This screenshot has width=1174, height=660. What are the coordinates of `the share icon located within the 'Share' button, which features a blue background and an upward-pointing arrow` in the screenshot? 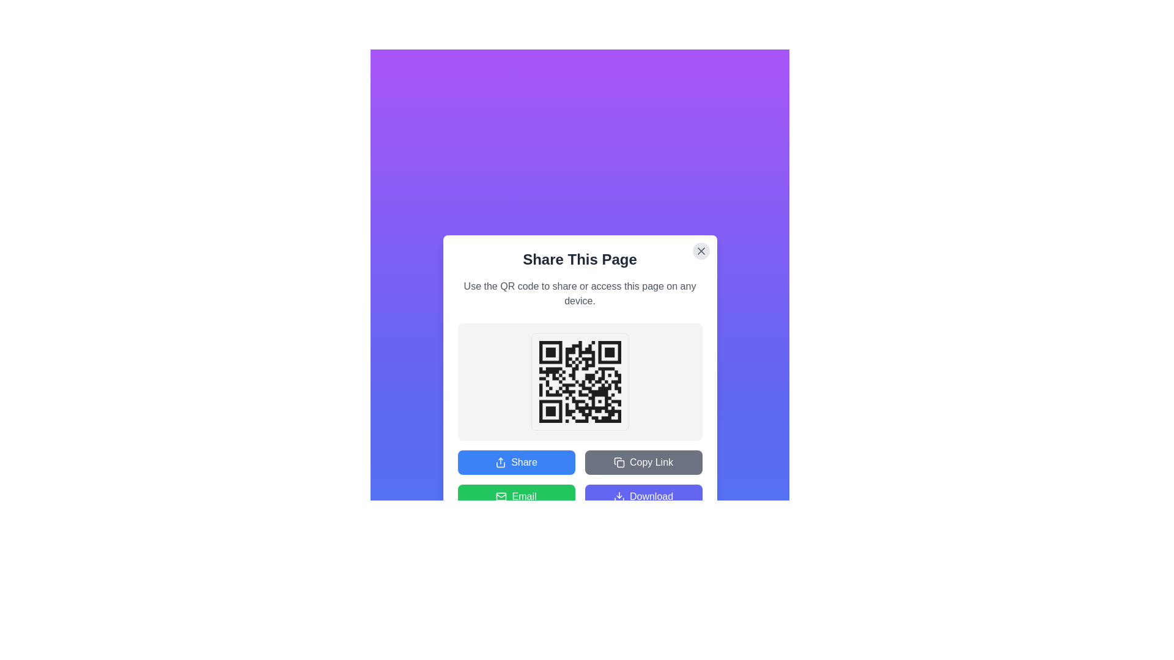 It's located at (501, 462).